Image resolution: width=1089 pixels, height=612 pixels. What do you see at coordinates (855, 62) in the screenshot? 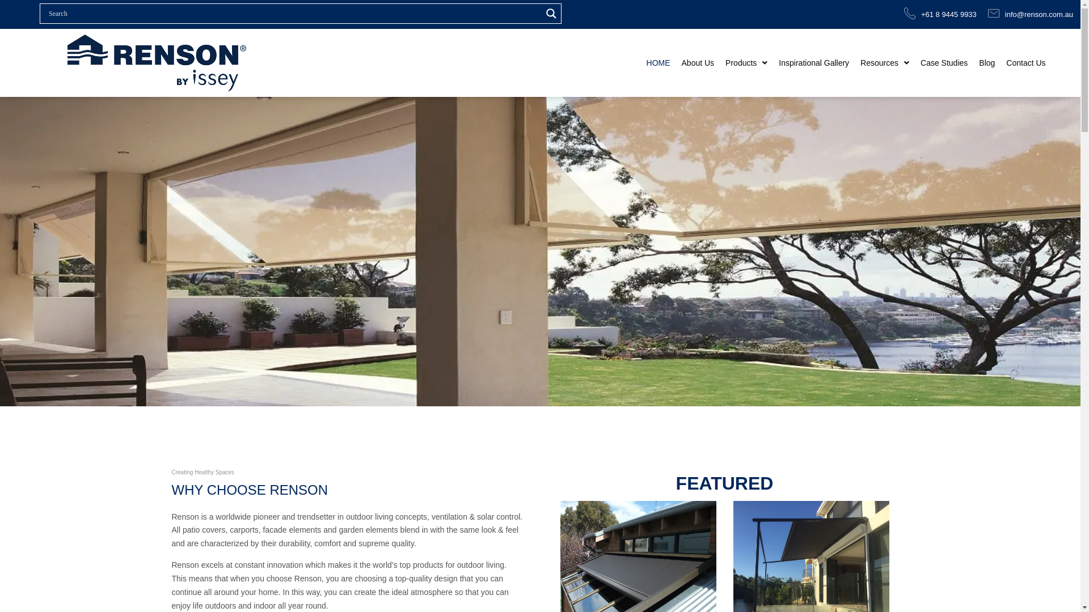
I see `'Resources'` at bounding box center [855, 62].